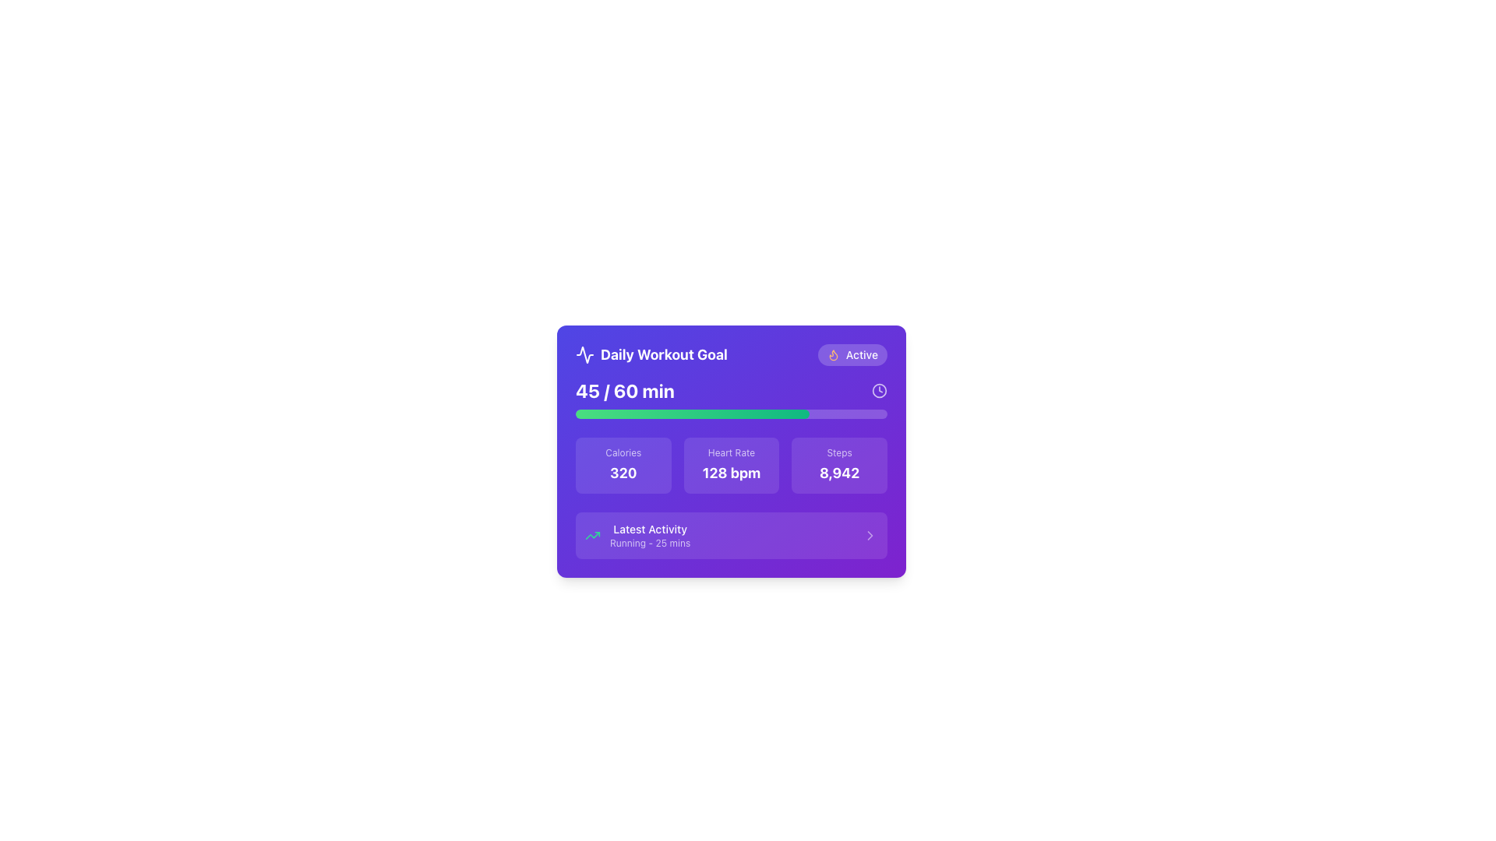  Describe the element at coordinates (625, 389) in the screenshot. I see `time information displayed in the text label showing '45 / 60 min', which is prominently positioned on a purple card` at that location.